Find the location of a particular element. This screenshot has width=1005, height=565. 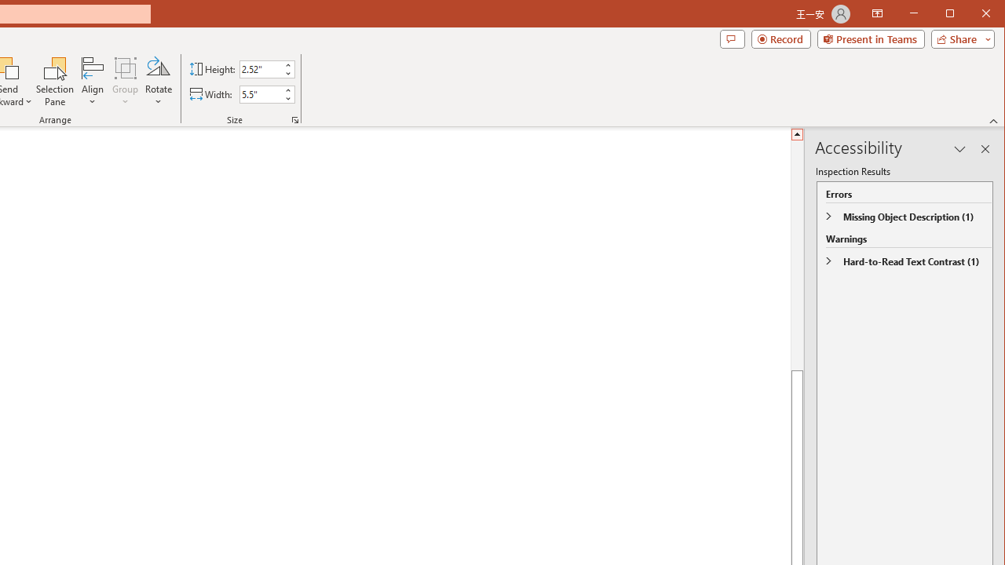

'Shape Height' is located at coordinates (261, 68).